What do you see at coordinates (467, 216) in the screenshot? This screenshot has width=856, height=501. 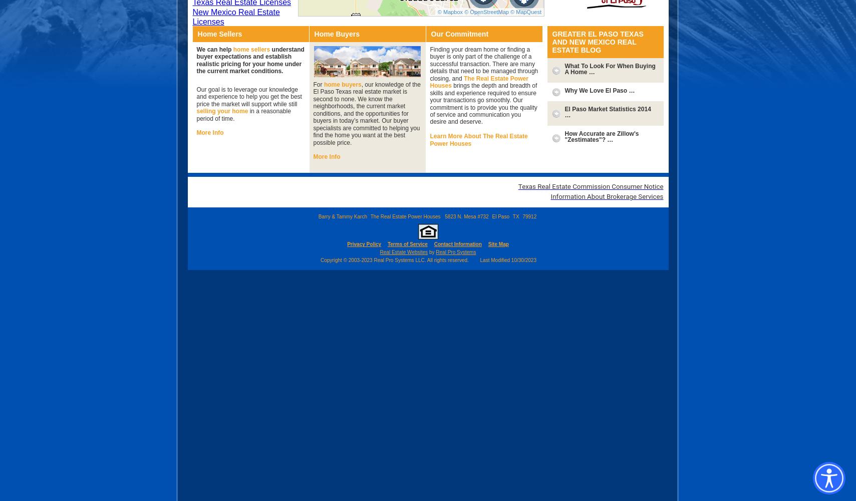 I see `'5823 N. Mesa #732'` at bounding box center [467, 216].